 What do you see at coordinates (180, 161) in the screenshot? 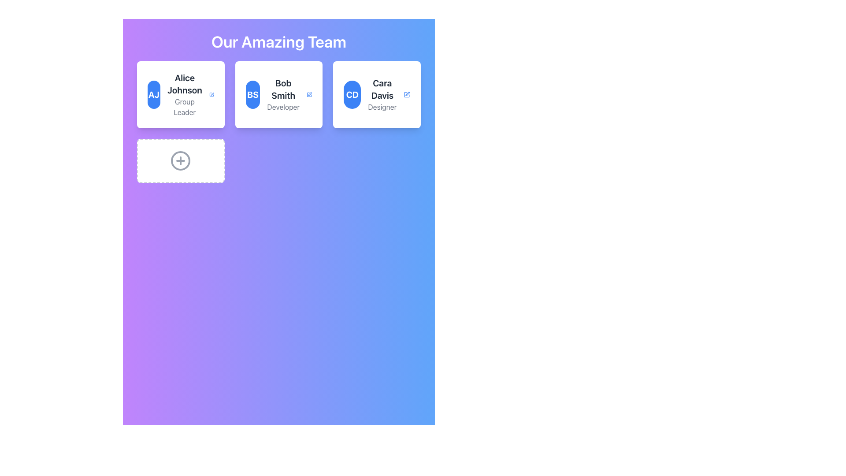
I see `the rectangular button with a dashed border and a circular plus sign icon, located below Alice Johnson's card in the grid layout` at bounding box center [180, 161].